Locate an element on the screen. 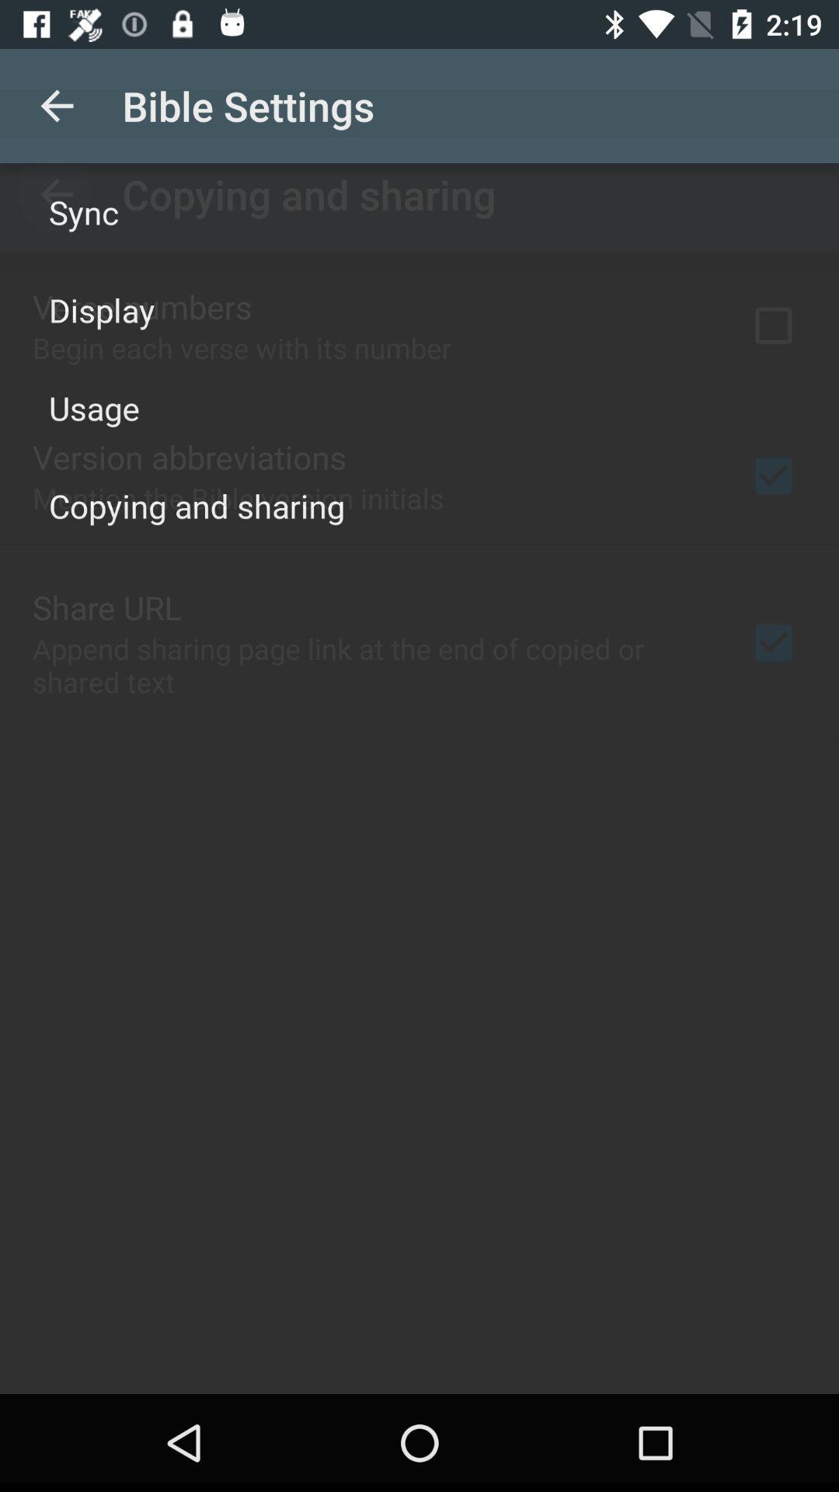 This screenshot has height=1492, width=839. the icon below display is located at coordinates (94, 407).